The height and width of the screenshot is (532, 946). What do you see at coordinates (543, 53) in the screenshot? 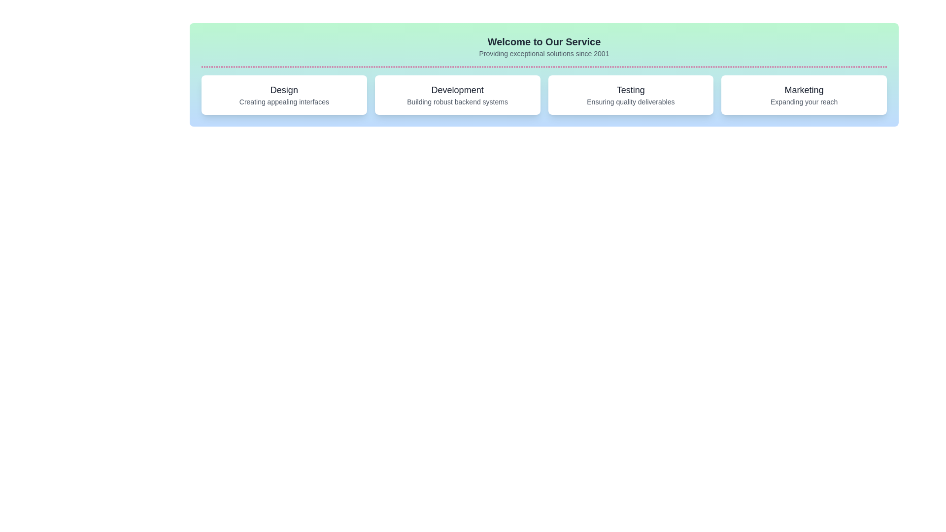
I see `the text label displaying 'Providing exceptional solutions since 2001', which is styled in gray and located beneath the main heading 'Welcome to Our Service'` at bounding box center [543, 53].